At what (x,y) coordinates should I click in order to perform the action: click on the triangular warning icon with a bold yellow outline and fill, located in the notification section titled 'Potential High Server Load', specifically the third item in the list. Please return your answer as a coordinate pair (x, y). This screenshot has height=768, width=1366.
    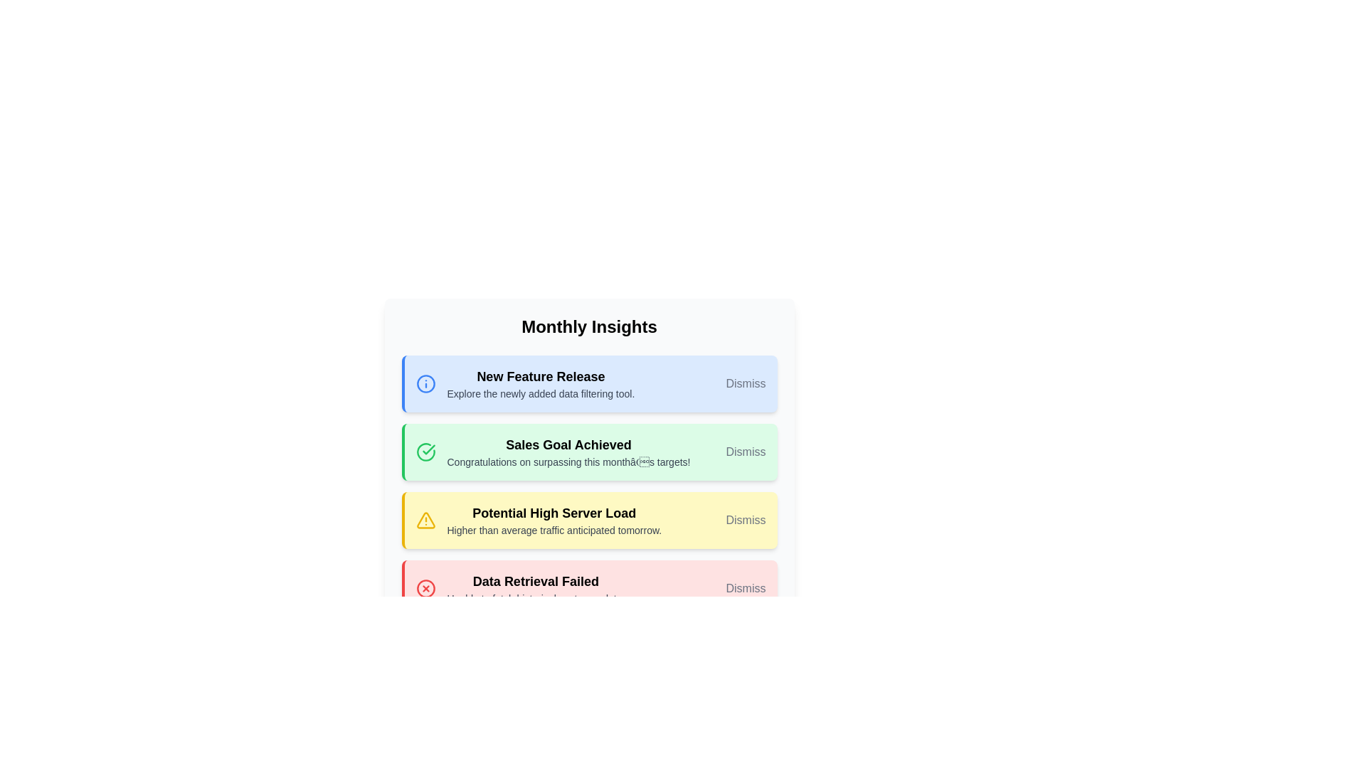
    Looking at the image, I should click on (425, 521).